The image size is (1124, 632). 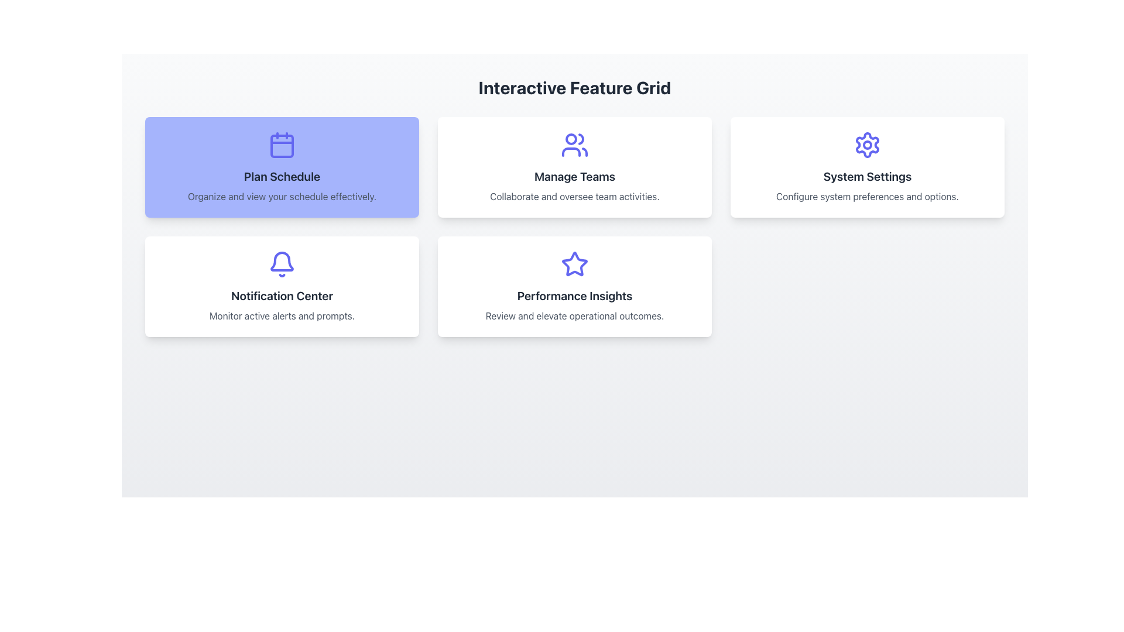 What do you see at coordinates (868, 144) in the screenshot?
I see `the gear-shaped indigo icon located at the center top of the 'System Settings' card, which is positioned in the top-right corner of the feature grid` at bounding box center [868, 144].